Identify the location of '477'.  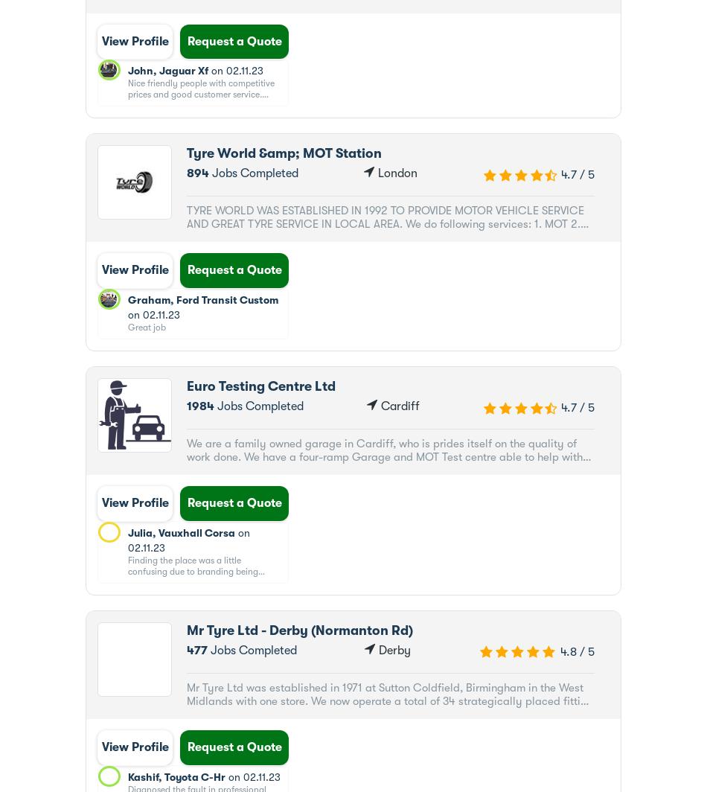
(196, 650).